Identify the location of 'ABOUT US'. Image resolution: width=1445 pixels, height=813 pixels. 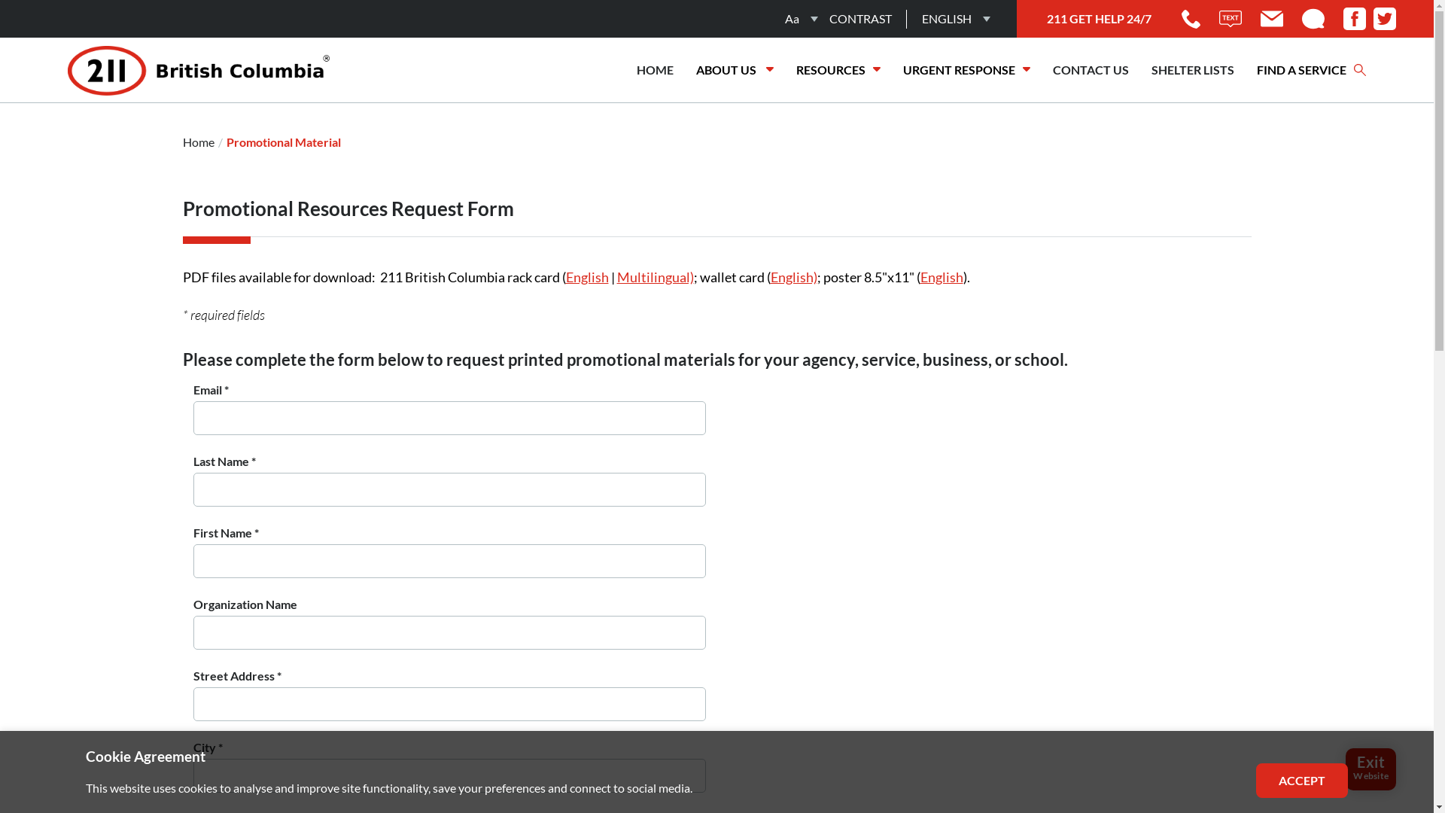
(684, 69).